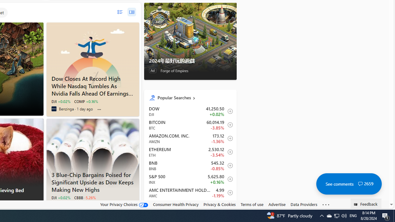  I want to click on 'grid layout', so click(131, 12).